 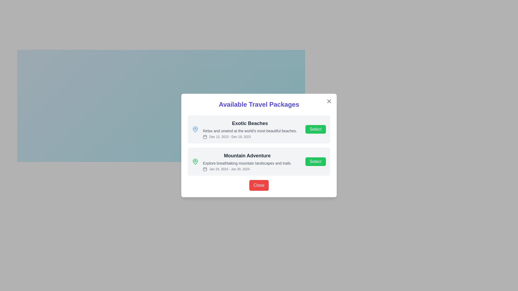 I want to click on displayed information from the text element containing the calendar icon and dates 'Jan 24, 2024 - Jan 30, 2024', located below the title 'Mountain Adventure', so click(x=247, y=169).